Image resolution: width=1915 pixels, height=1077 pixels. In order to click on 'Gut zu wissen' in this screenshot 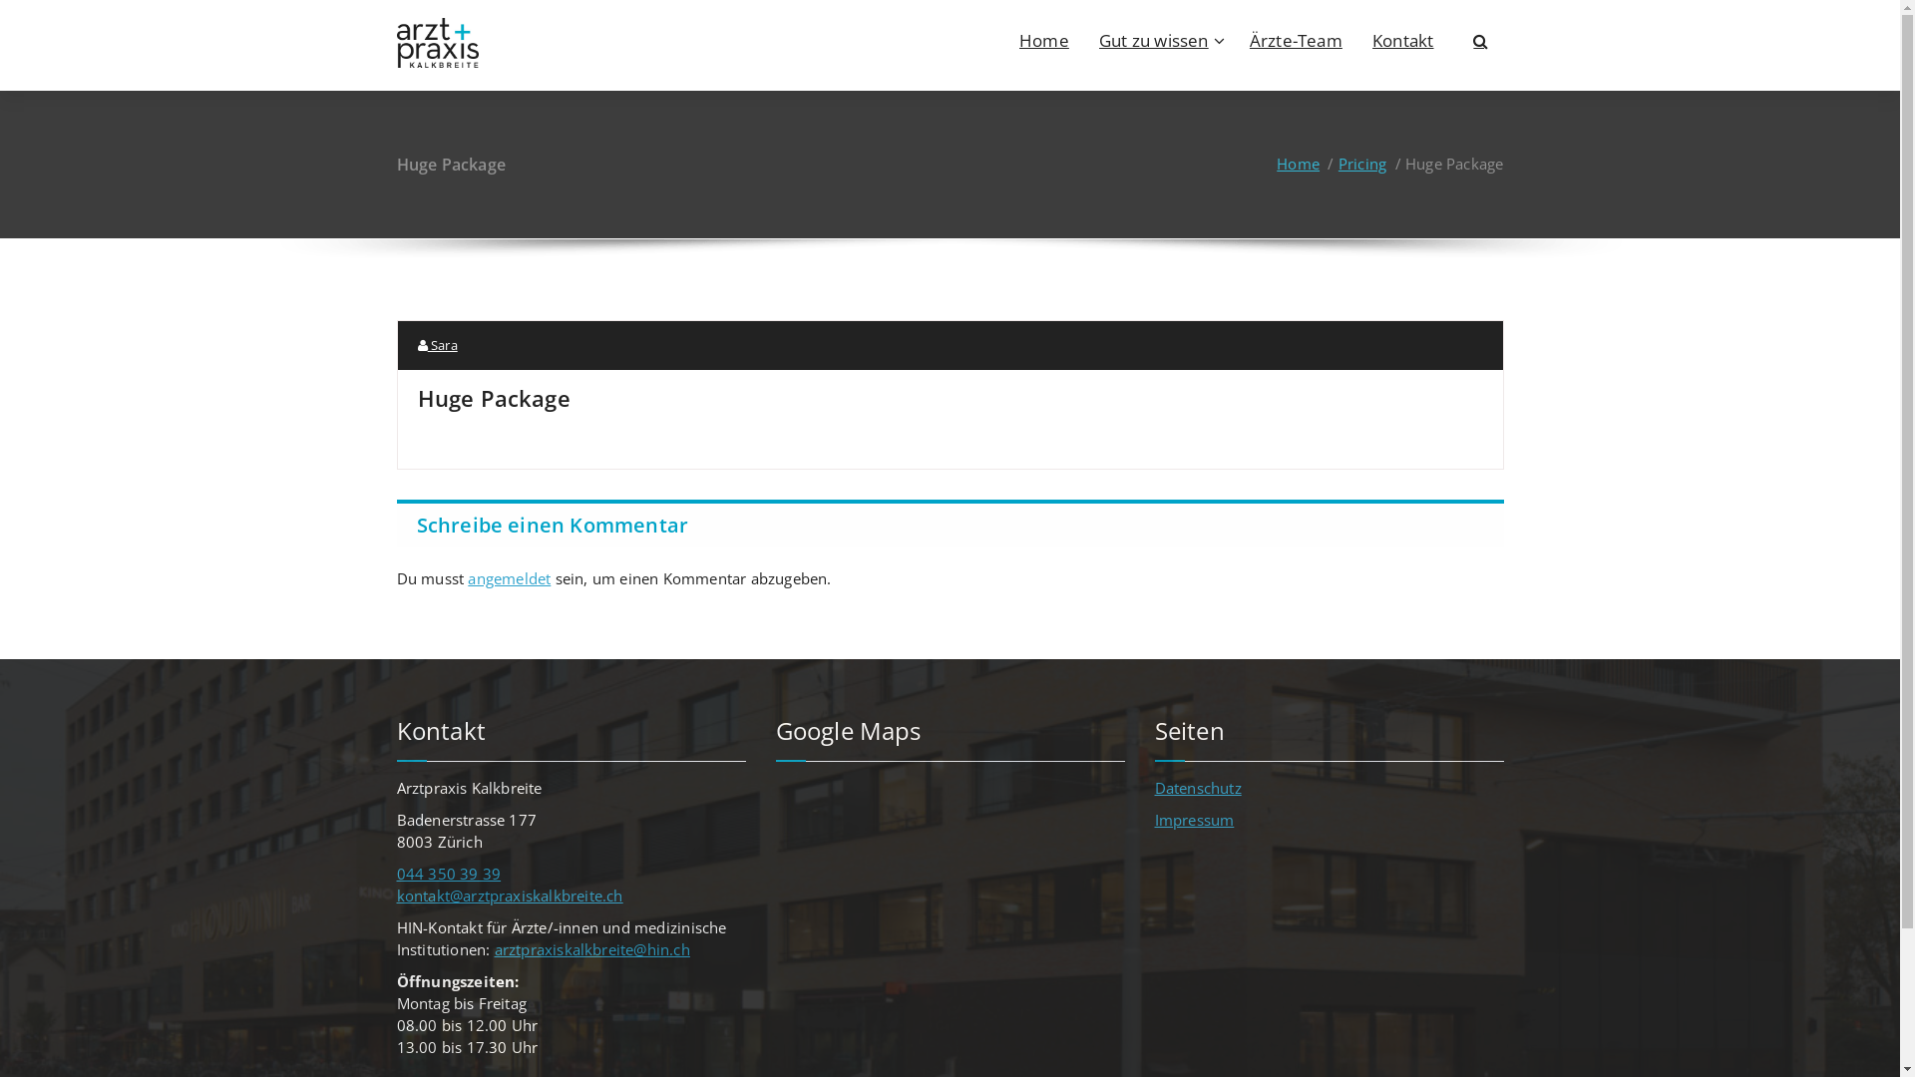, I will do `click(1159, 39)`.